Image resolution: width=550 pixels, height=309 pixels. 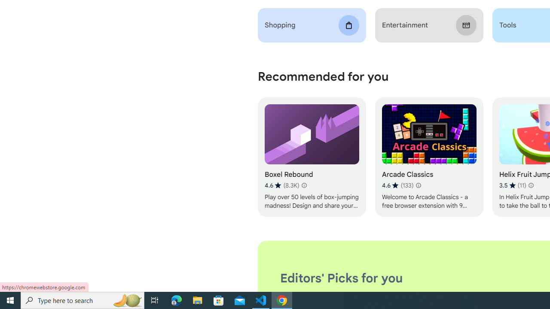 What do you see at coordinates (418, 185) in the screenshot?
I see `'Learn more about results and reviews "Arcade Classics"'` at bounding box center [418, 185].